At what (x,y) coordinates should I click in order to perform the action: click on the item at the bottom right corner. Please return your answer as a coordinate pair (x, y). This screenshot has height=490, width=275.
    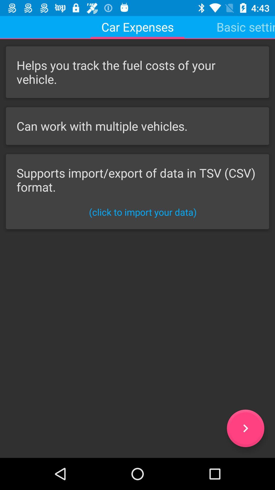
    Looking at the image, I should click on (245, 428).